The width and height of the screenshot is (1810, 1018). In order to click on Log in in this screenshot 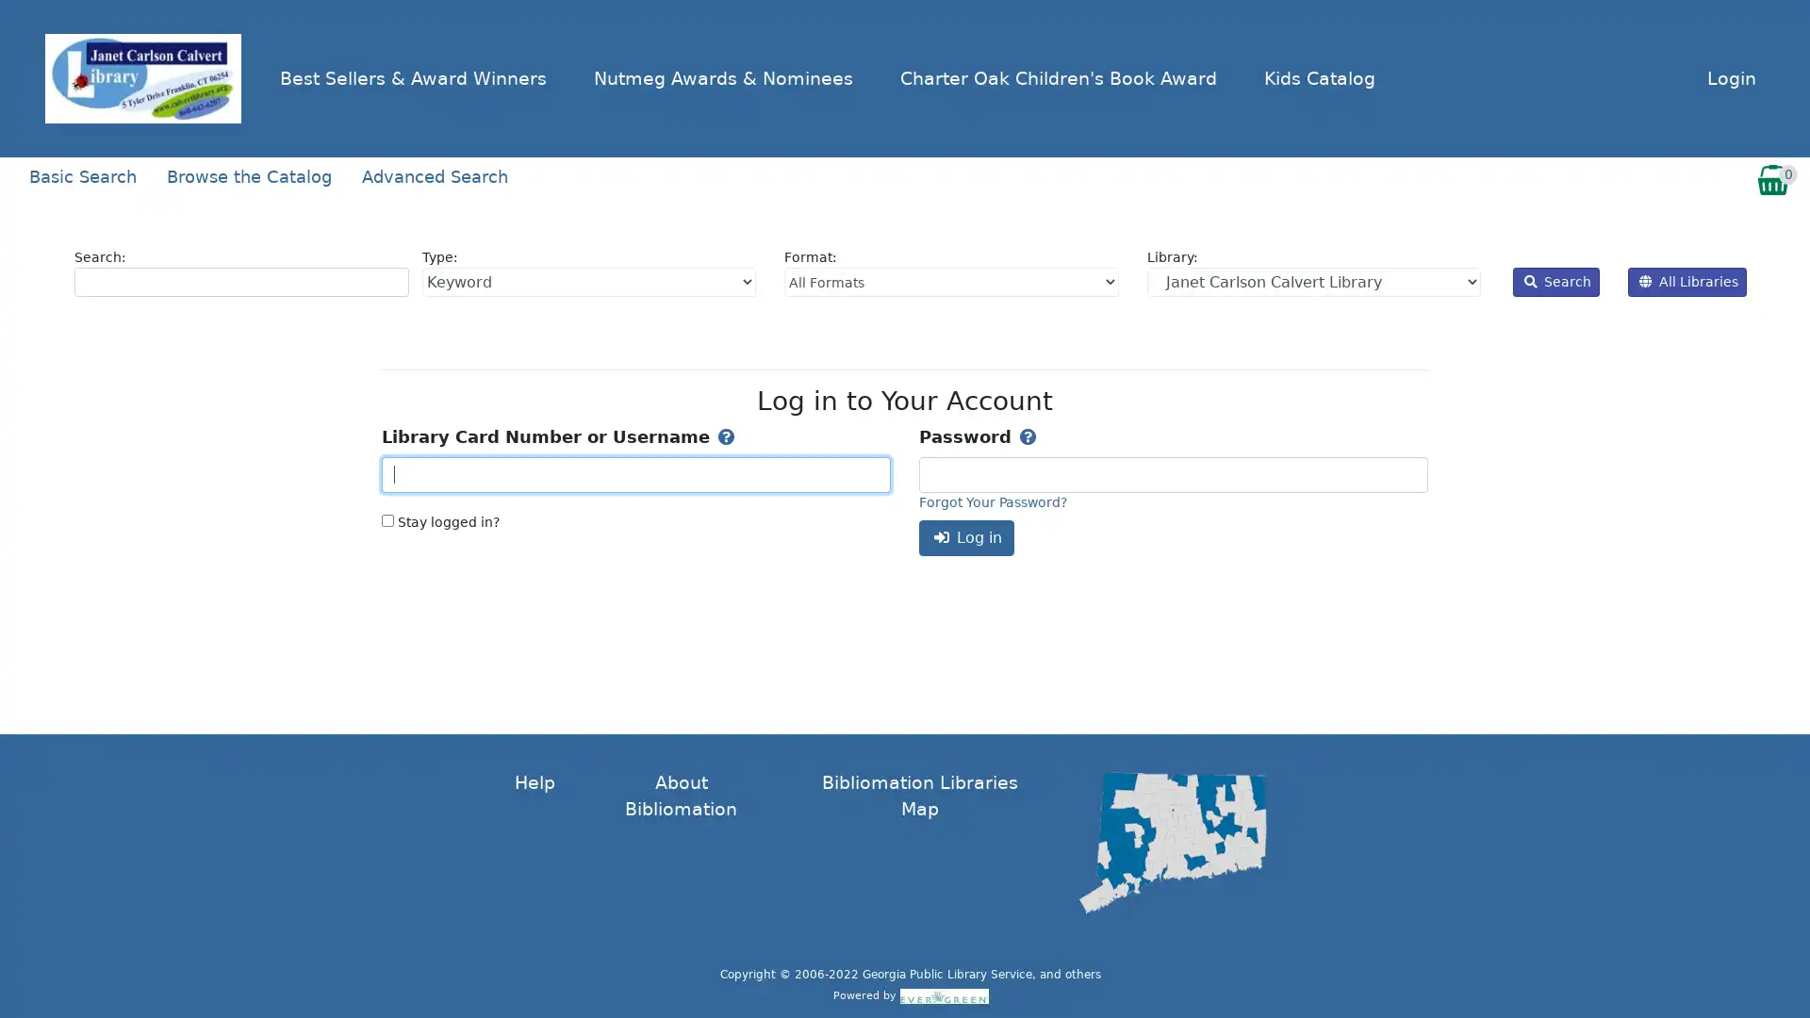, I will do `click(966, 537)`.